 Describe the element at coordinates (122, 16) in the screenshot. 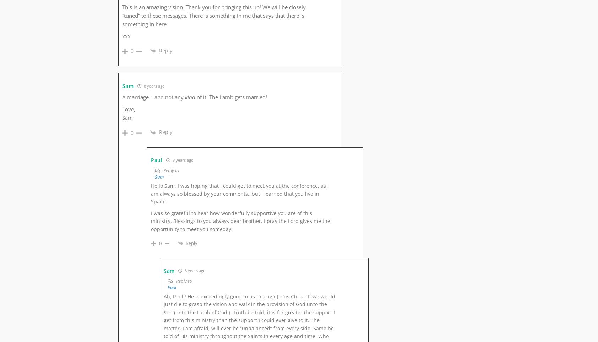

I see `'This is an amazing vision. Thank you for bringing this up! We will be closely “tuned” to these messages. There is something in me that says that there is something in here.'` at that location.